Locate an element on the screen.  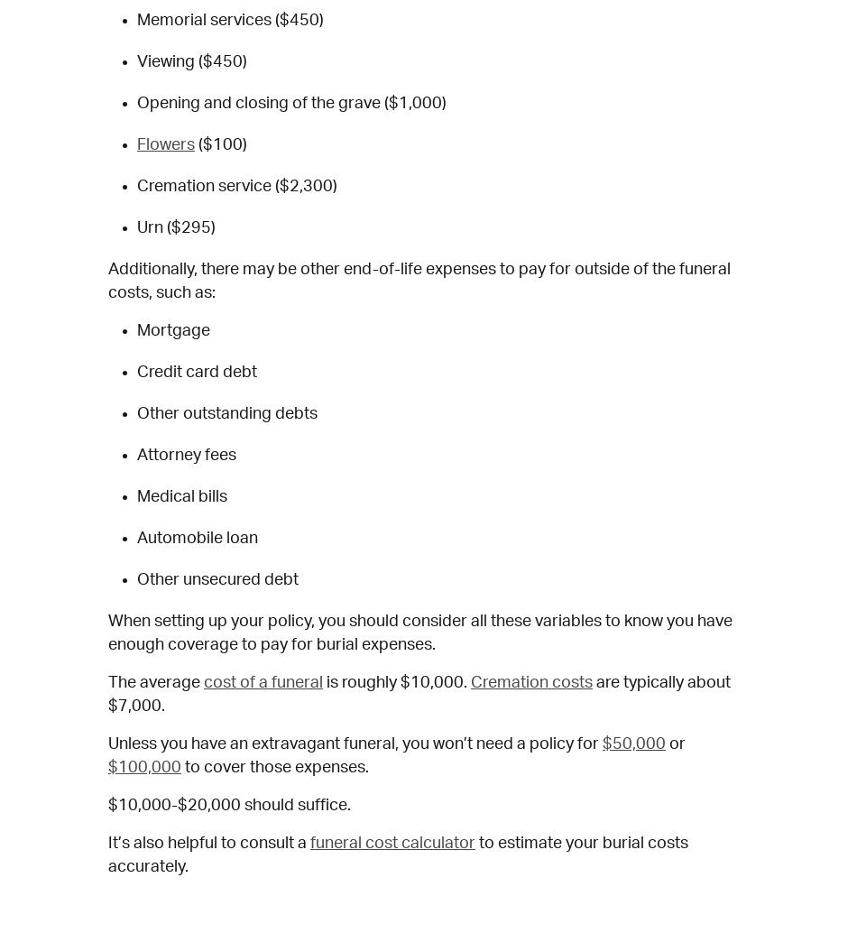
'It’s also helpful to consult a' is located at coordinates (208, 843).